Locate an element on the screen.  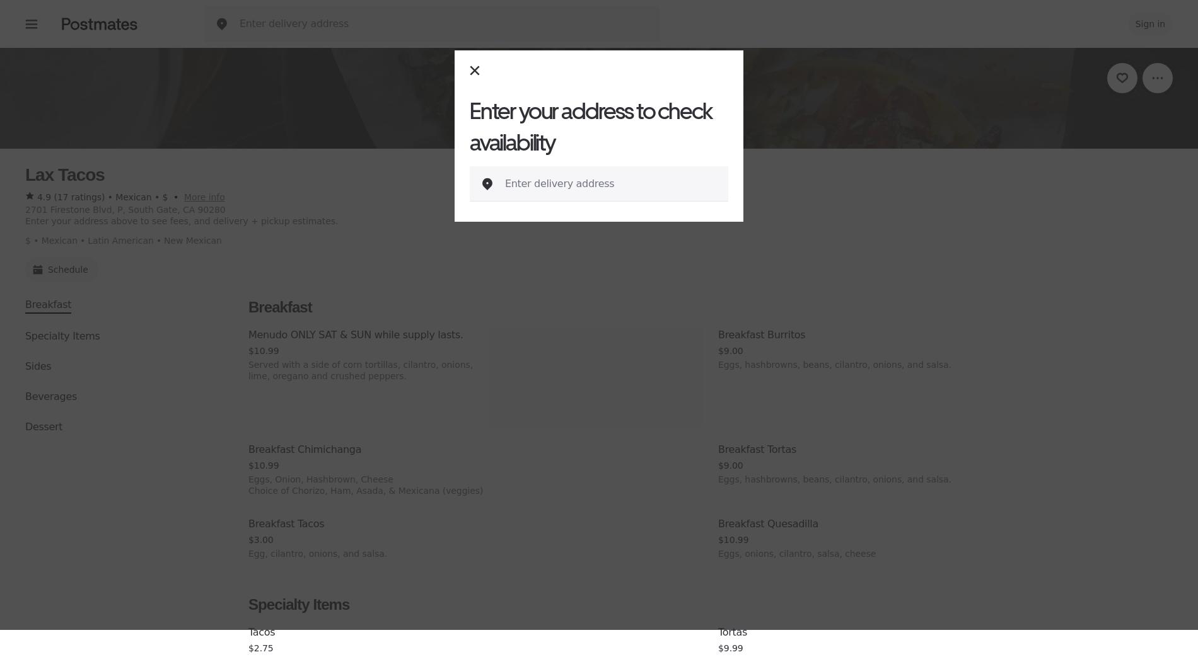
'Tacos' is located at coordinates (260, 632).